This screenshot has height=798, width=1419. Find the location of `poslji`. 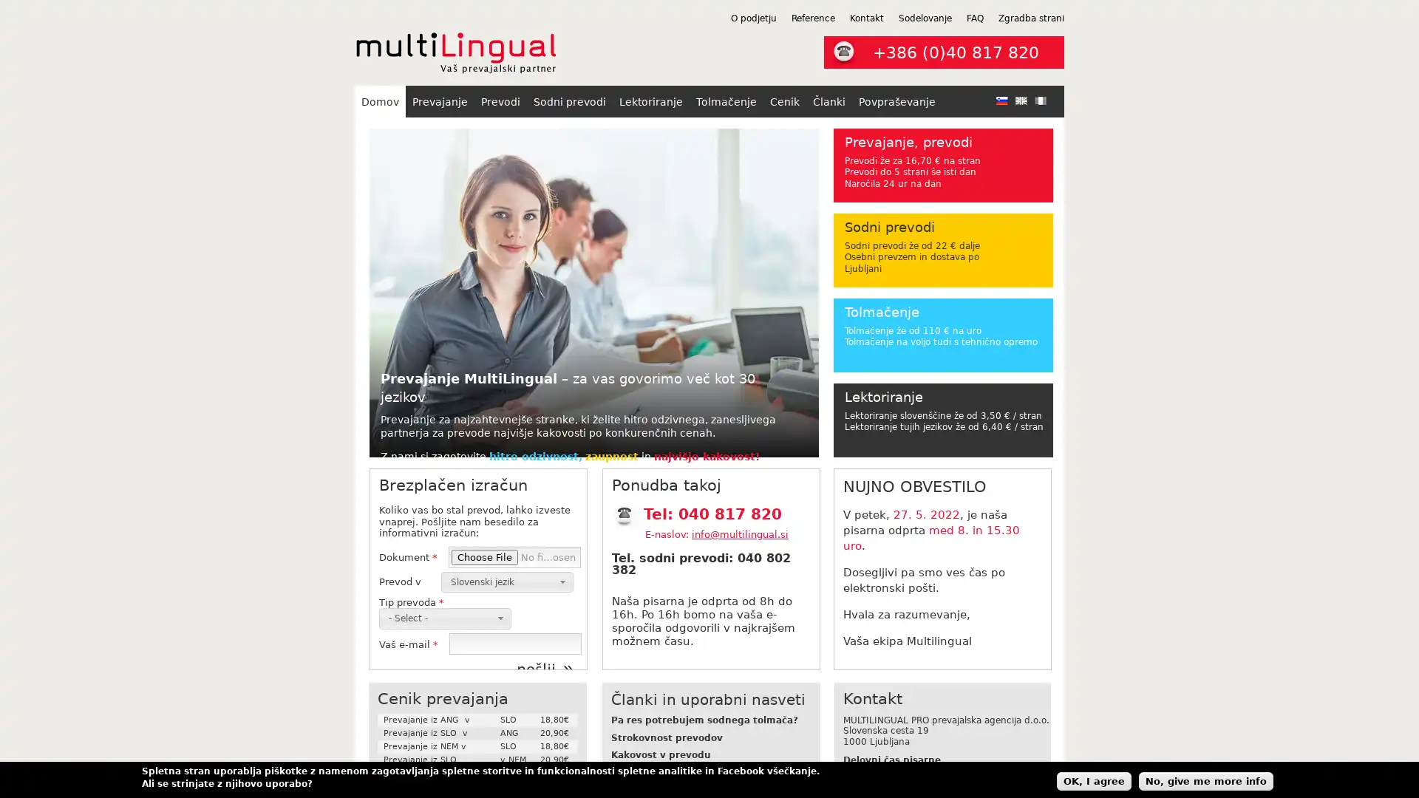

poslji is located at coordinates (545, 669).